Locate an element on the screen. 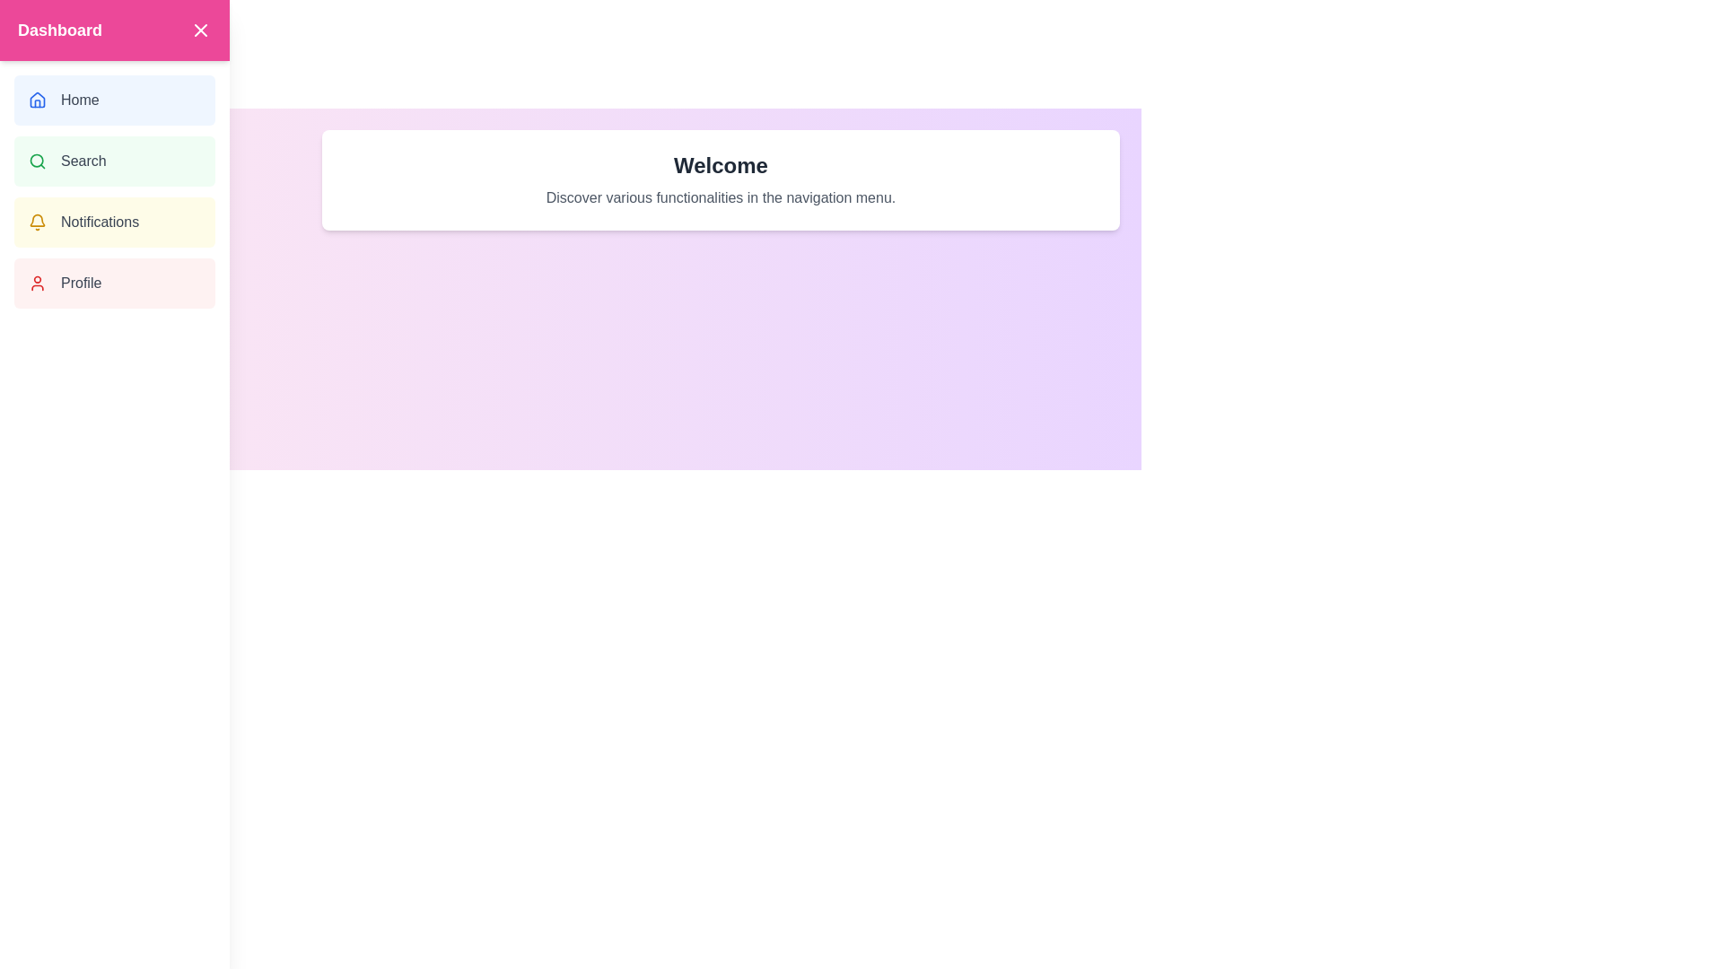  SVG Circle element that represents the circular part of the search icon located in the second navigation item labeled 'Search.' is located at coordinates (37, 160).